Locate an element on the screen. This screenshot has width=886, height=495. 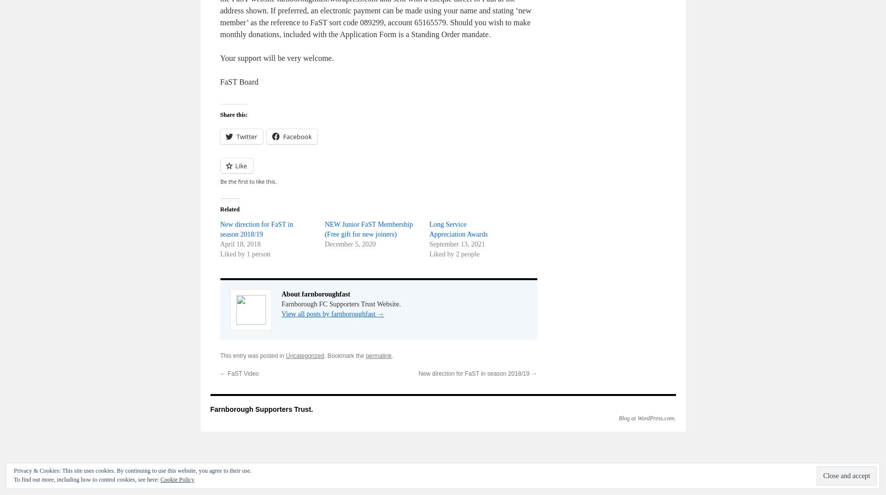
'Facebook' is located at coordinates (297, 137).